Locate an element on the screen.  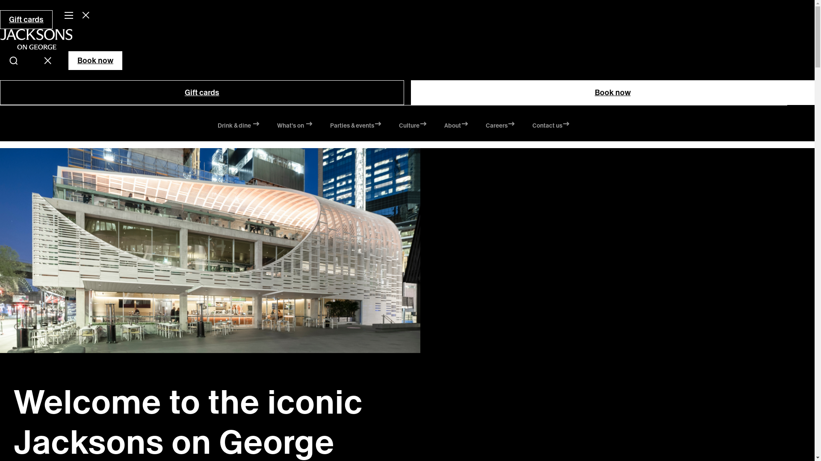
'Book now' is located at coordinates (612, 92).